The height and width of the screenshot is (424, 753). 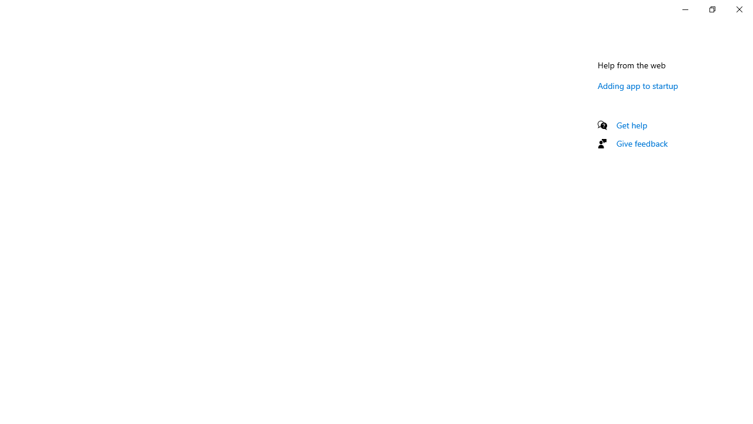 I want to click on 'Adding app to startup', so click(x=637, y=85).